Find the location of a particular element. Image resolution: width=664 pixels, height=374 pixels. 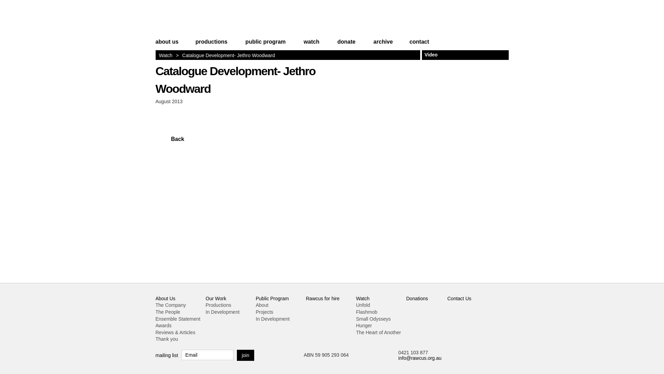

'Unfold' is located at coordinates (356, 304).